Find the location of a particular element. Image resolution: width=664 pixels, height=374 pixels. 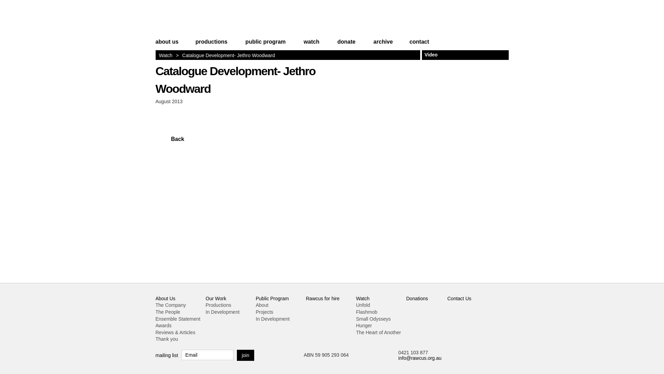

'Unfold' is located at coordinates (356, 304).